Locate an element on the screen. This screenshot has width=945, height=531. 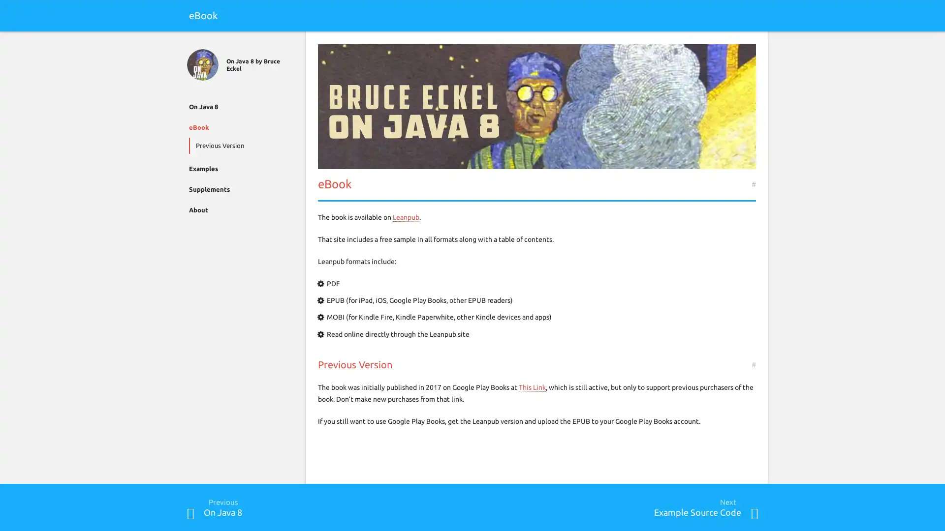
Close is located at coordinates (190, 43).